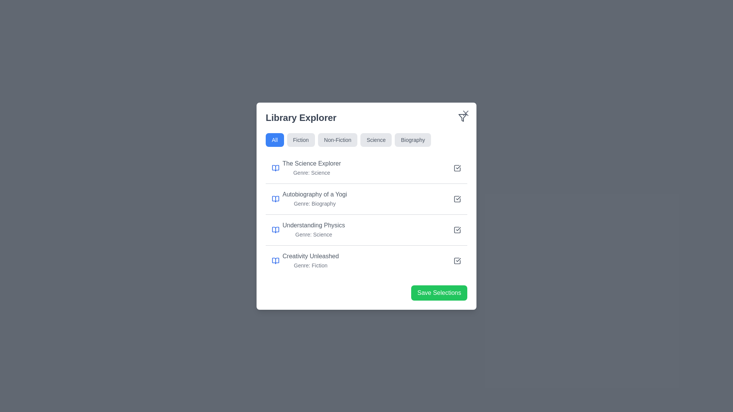 The image size is (733, 412). I want to click on the 'Library Explorer' text label, which serves as a heading for the section, located at the top-left corner of the card-like component, so click(300, 117).